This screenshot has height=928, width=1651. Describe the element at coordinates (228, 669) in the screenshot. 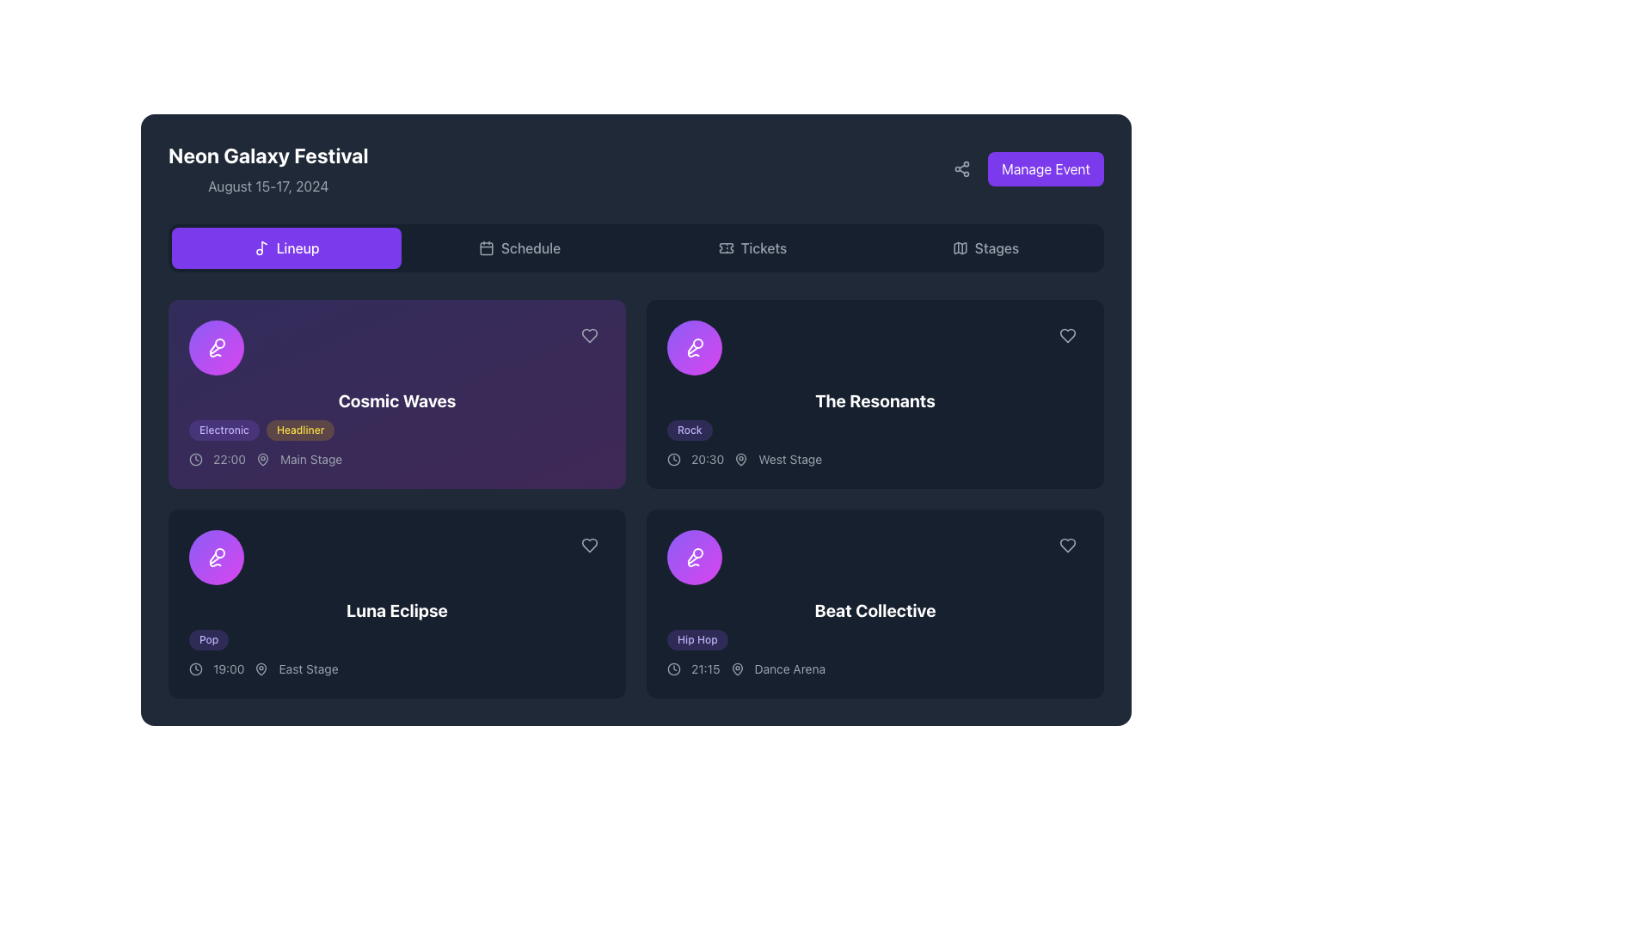

I see `the time label displaying '19:00' located under the title 'Luna Eclipse', positioned between a clock icon and the 'East Stage' label` at that location.